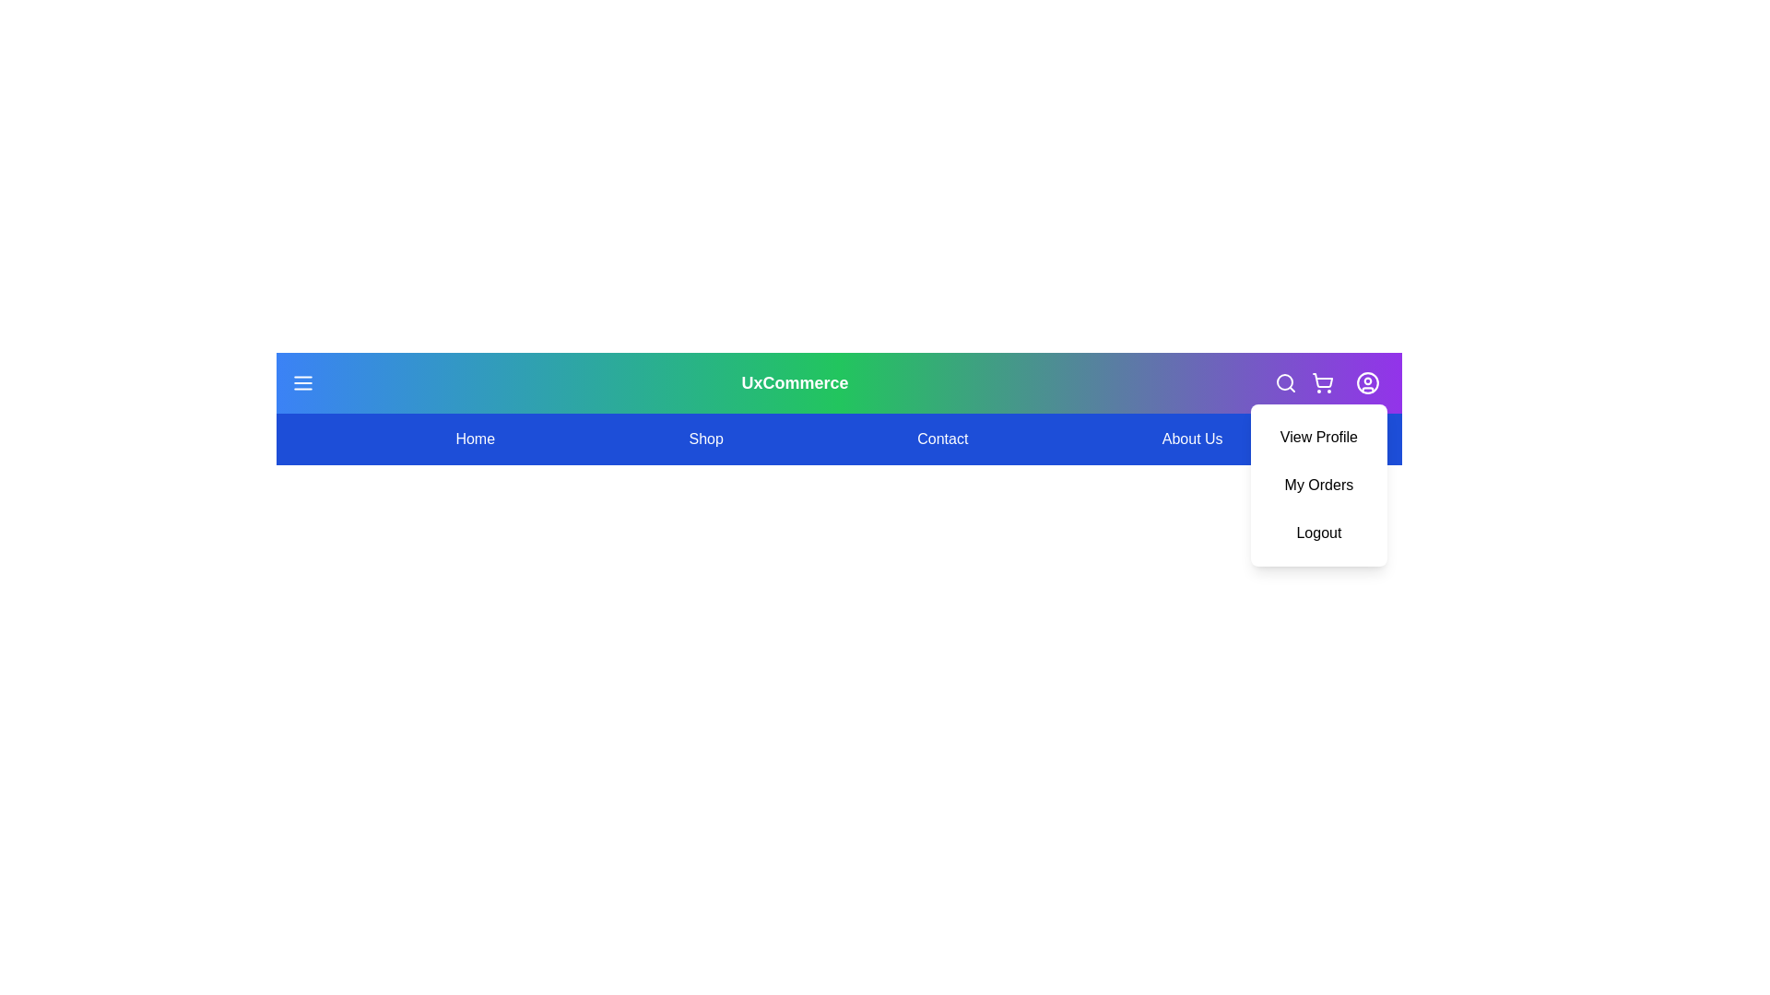 The width and height of the screenshot is (1770, 995). I want to click on the menu item Home to navigate to the corresponding section, so click(475, 439).